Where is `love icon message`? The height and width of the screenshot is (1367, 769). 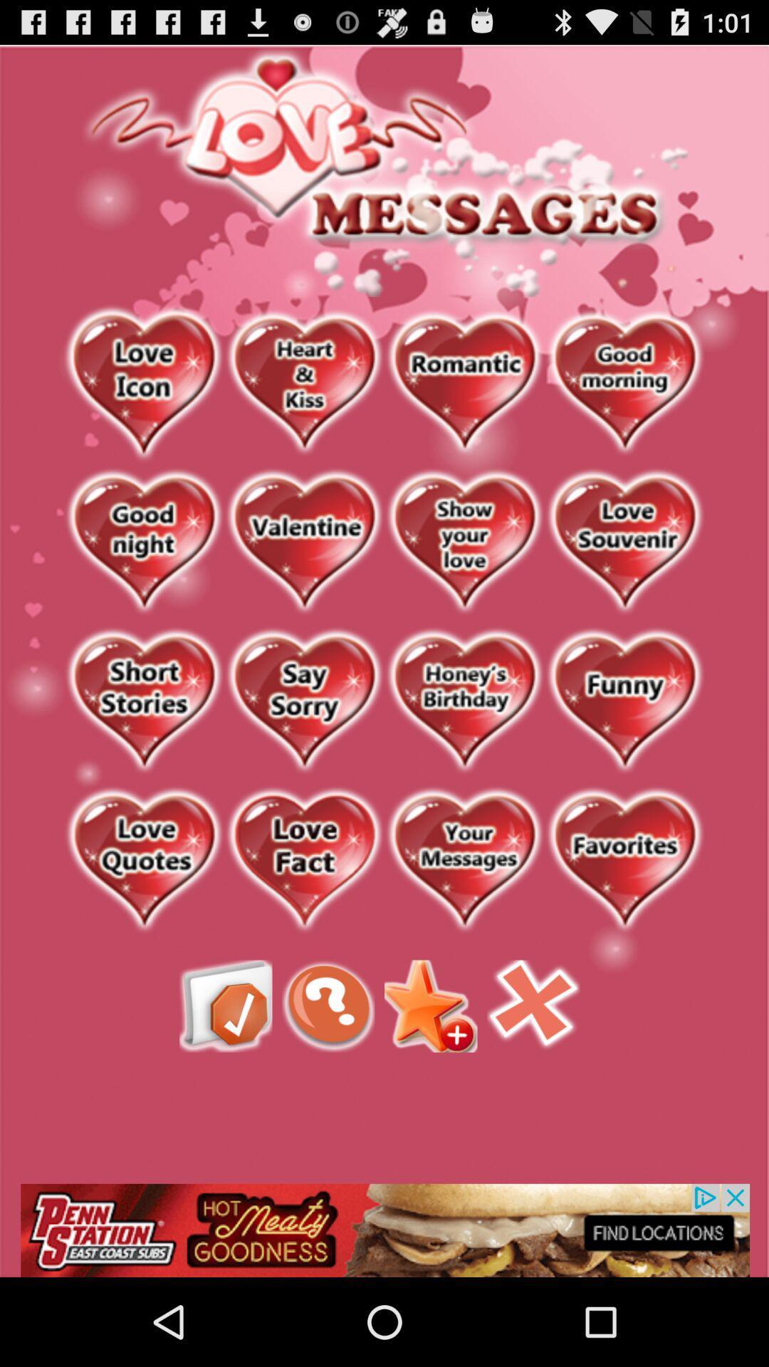
love icon message is located at coordinates (144, 384).